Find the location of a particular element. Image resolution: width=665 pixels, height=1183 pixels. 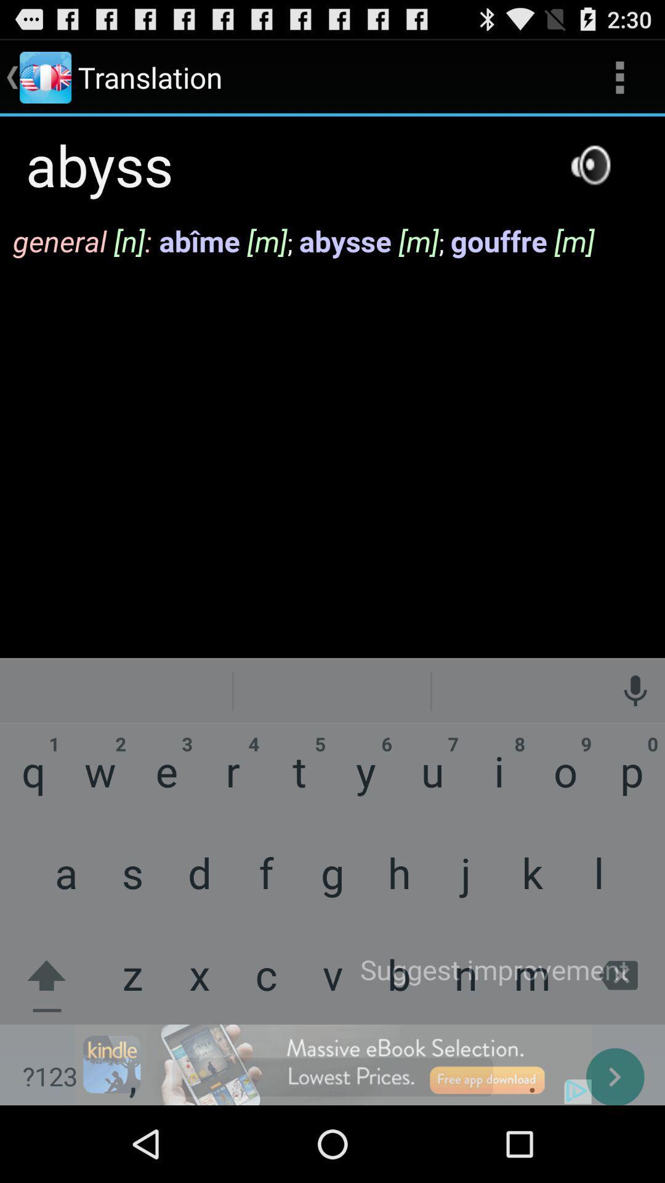

advertisement is located at coordinates (332, 1064).